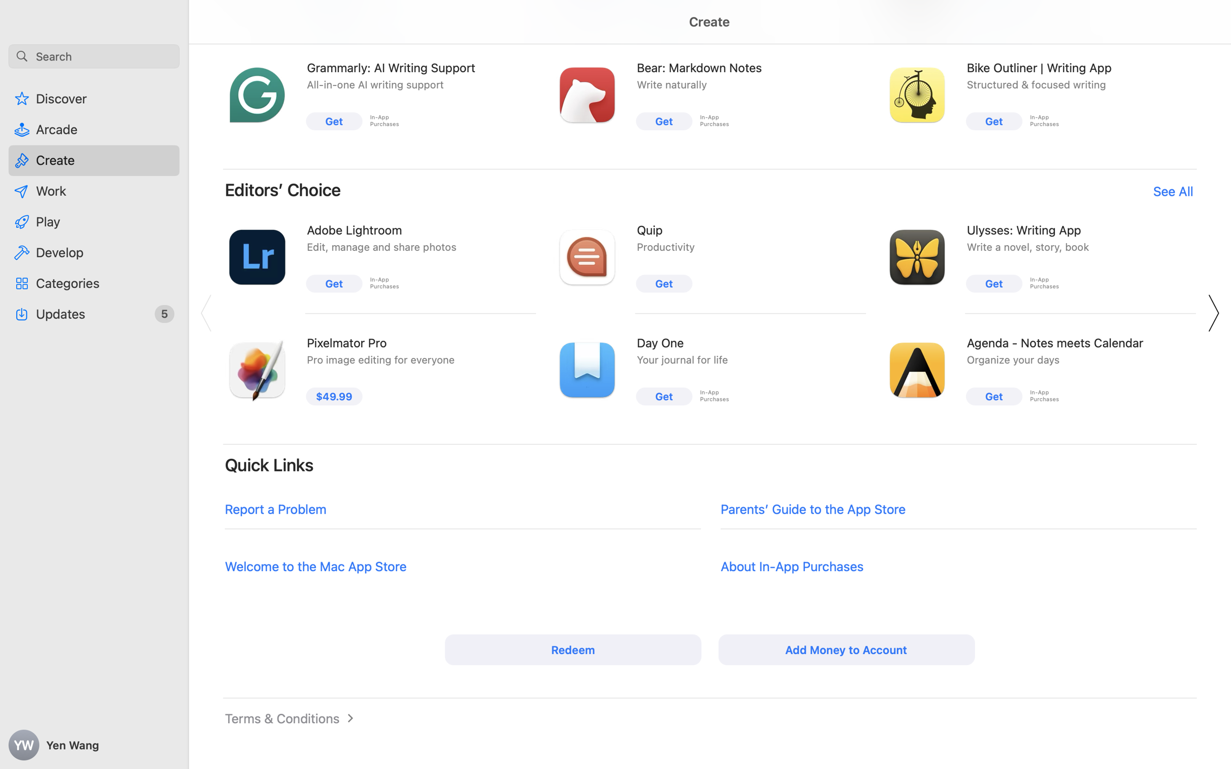 This screenshot has height=769, width=1231. I want to click on 'Yen Wang', so click(94, 745).